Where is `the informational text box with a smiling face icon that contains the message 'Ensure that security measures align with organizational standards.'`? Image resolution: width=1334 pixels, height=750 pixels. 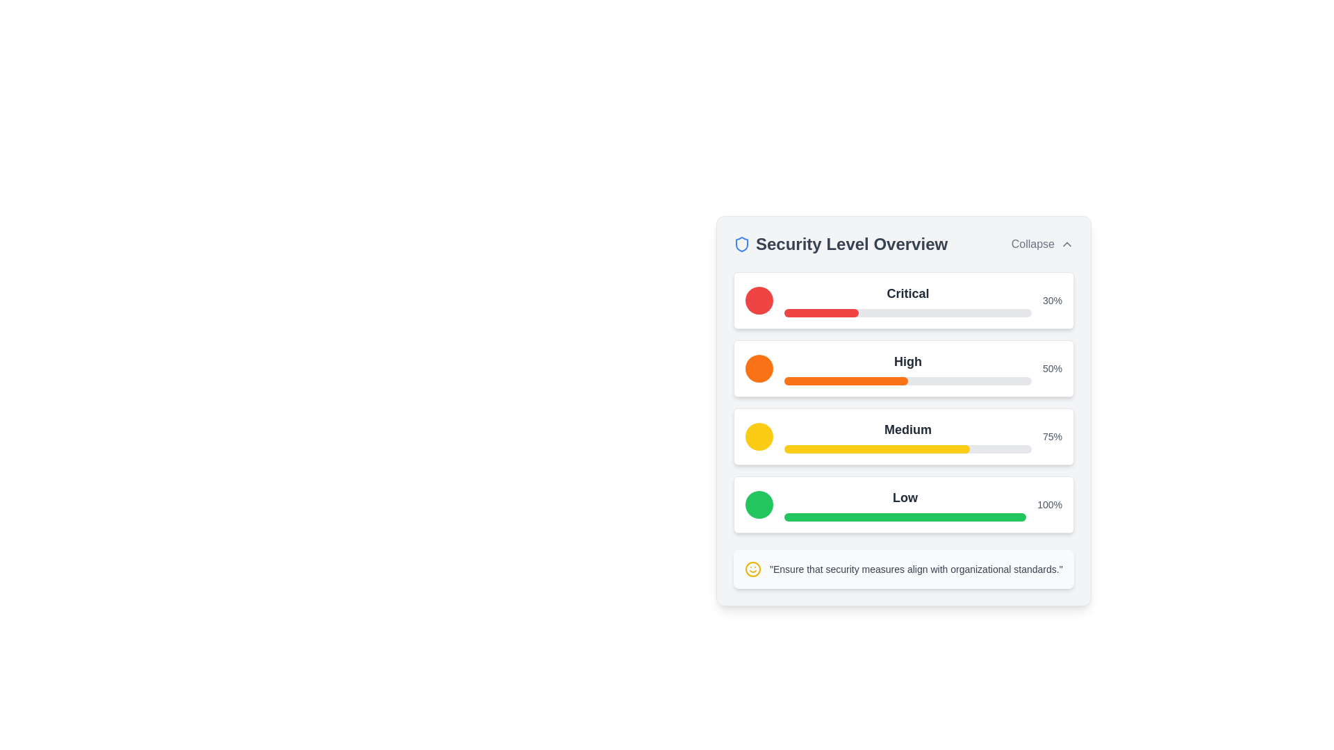 the informational text box with a smiling face icon that contains the message 'Ensure that security measures align with organizational standards.' is located at coordinates (903, 569).